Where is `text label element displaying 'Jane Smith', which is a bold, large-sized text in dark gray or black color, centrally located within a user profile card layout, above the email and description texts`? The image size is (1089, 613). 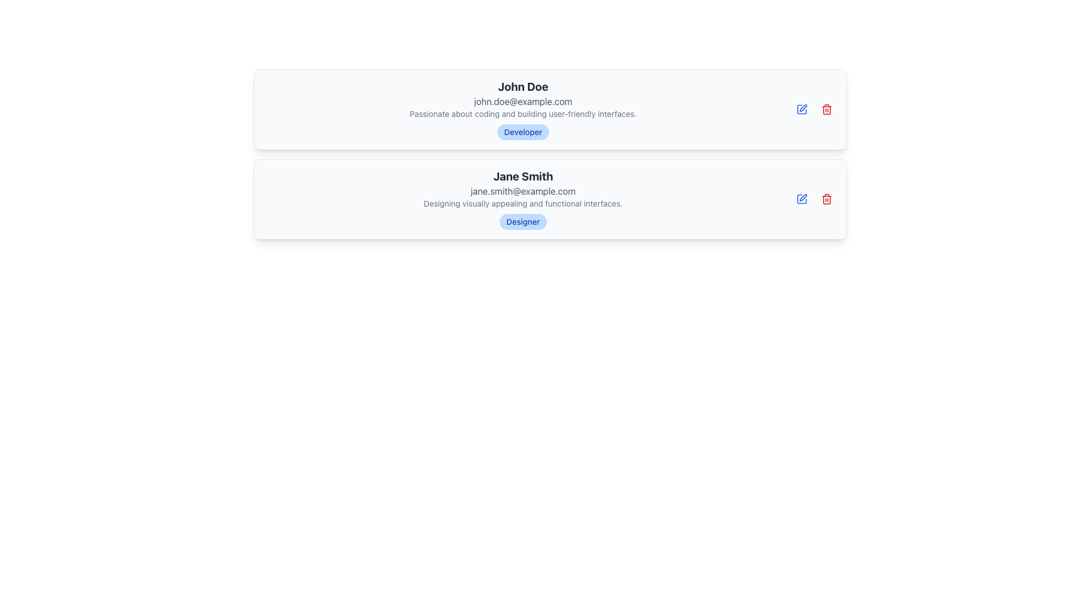
text label element displaying 'Jane Smith', which is a bold, large-sized text in dark gray or black color, centrally located within a user profile card layout, above the email and description texts is located at coordinates (522, 177).